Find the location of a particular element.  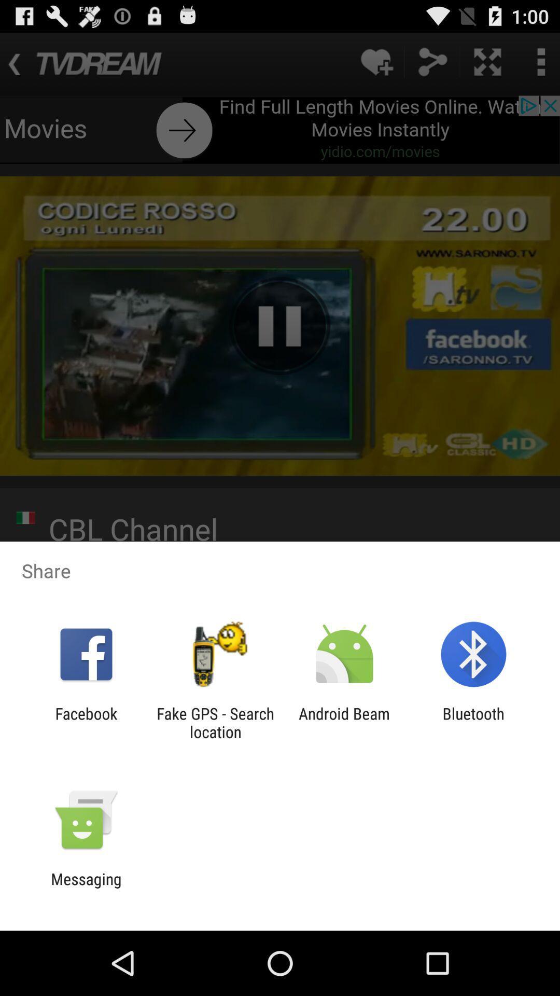

the app at the bottom right corner is located at coordinates (473, 722).